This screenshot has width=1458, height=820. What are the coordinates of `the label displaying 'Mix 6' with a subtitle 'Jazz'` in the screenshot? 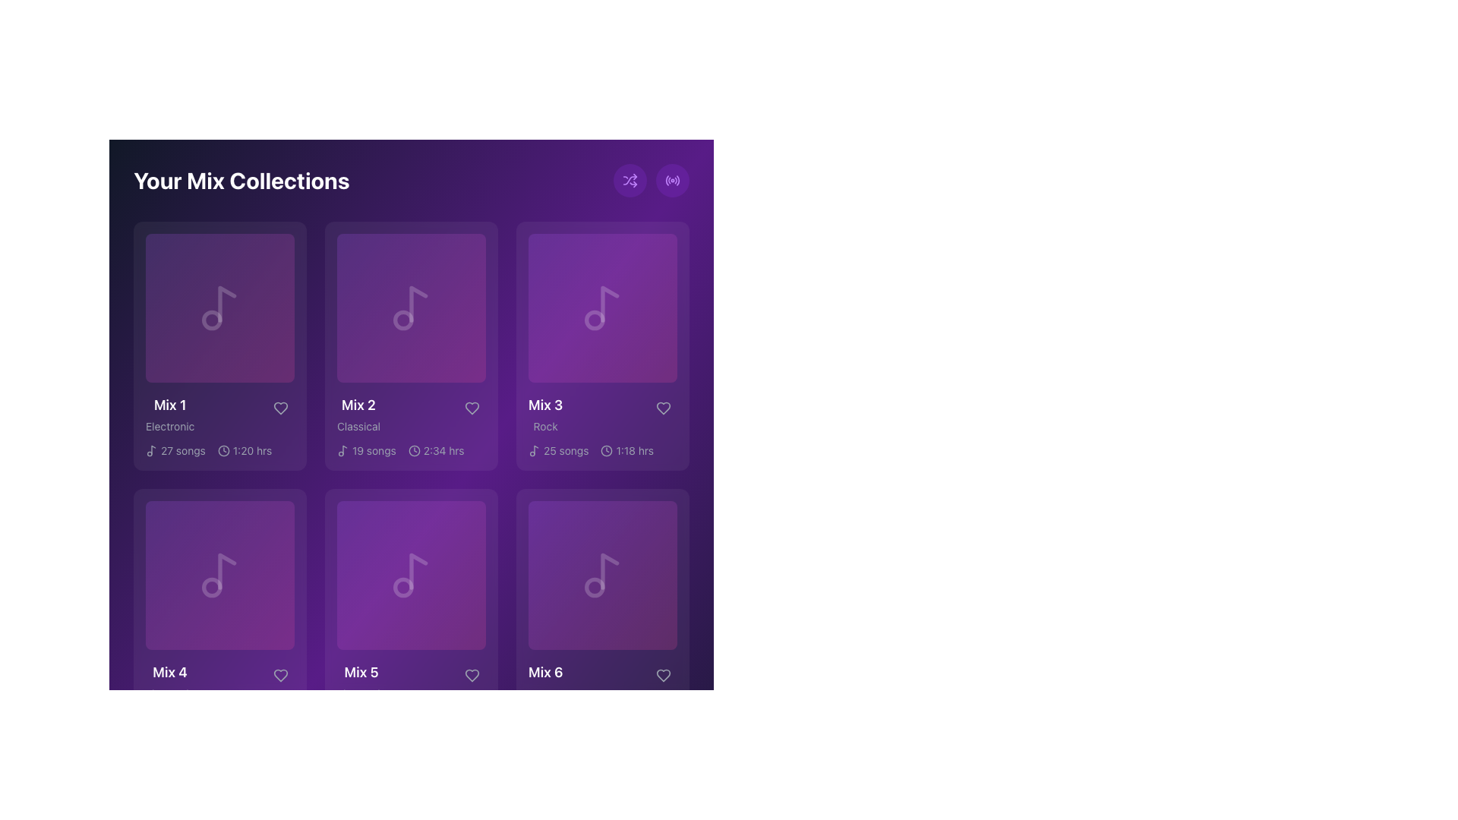 It's located at (545, 681).